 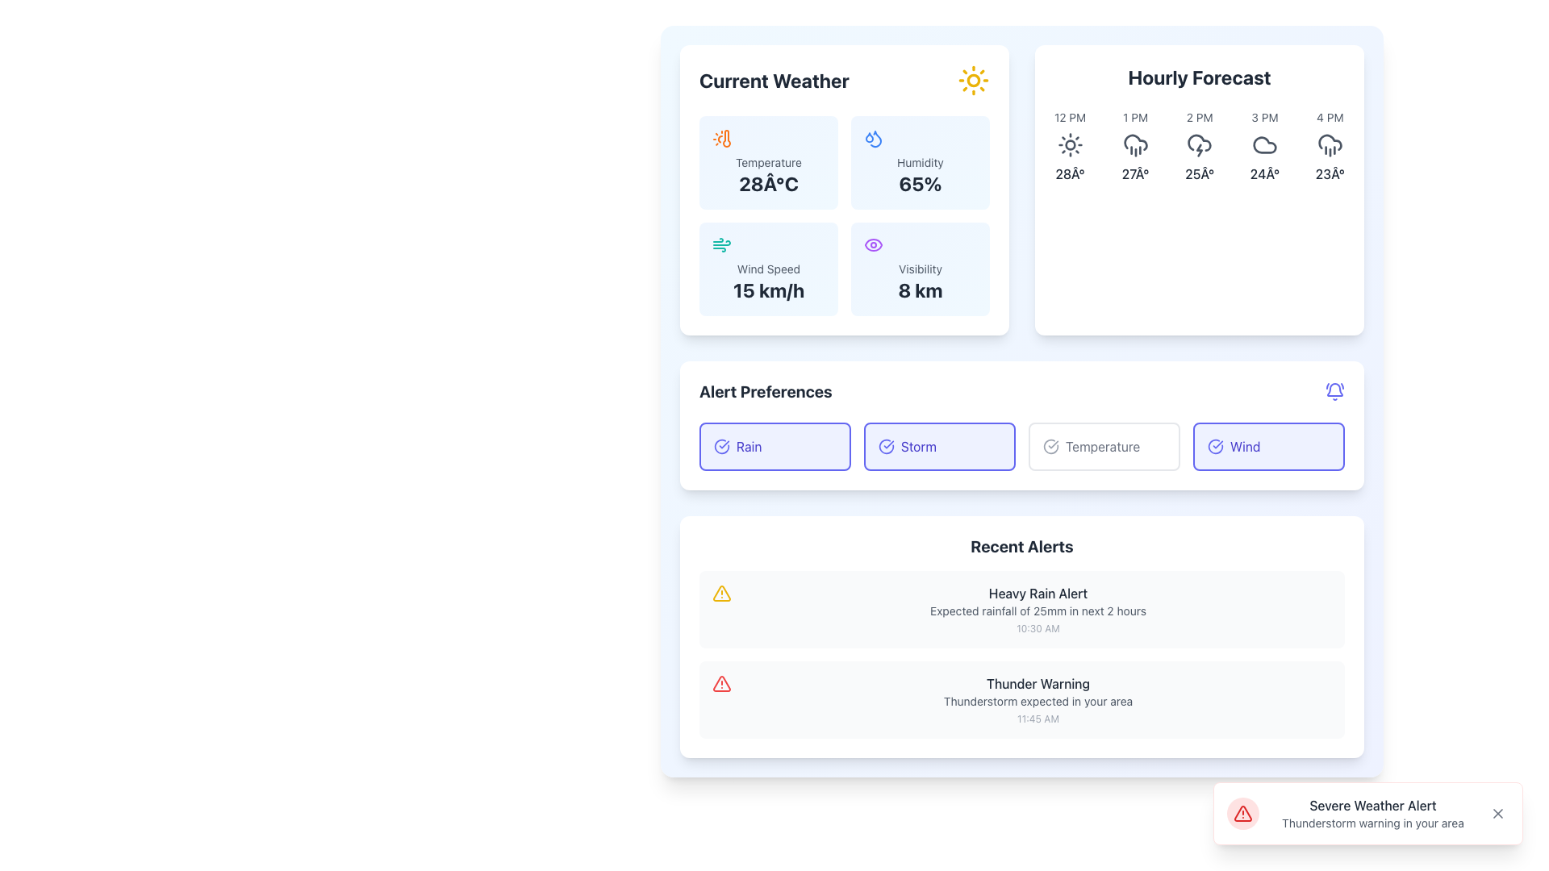 What do you see at coordinates (843, 81) in the screenshot?
I see `the header section labeled 'Current Weather' which is located at the top of the weather information card and features a sun icon on the right` at bounding box center [843, 81].